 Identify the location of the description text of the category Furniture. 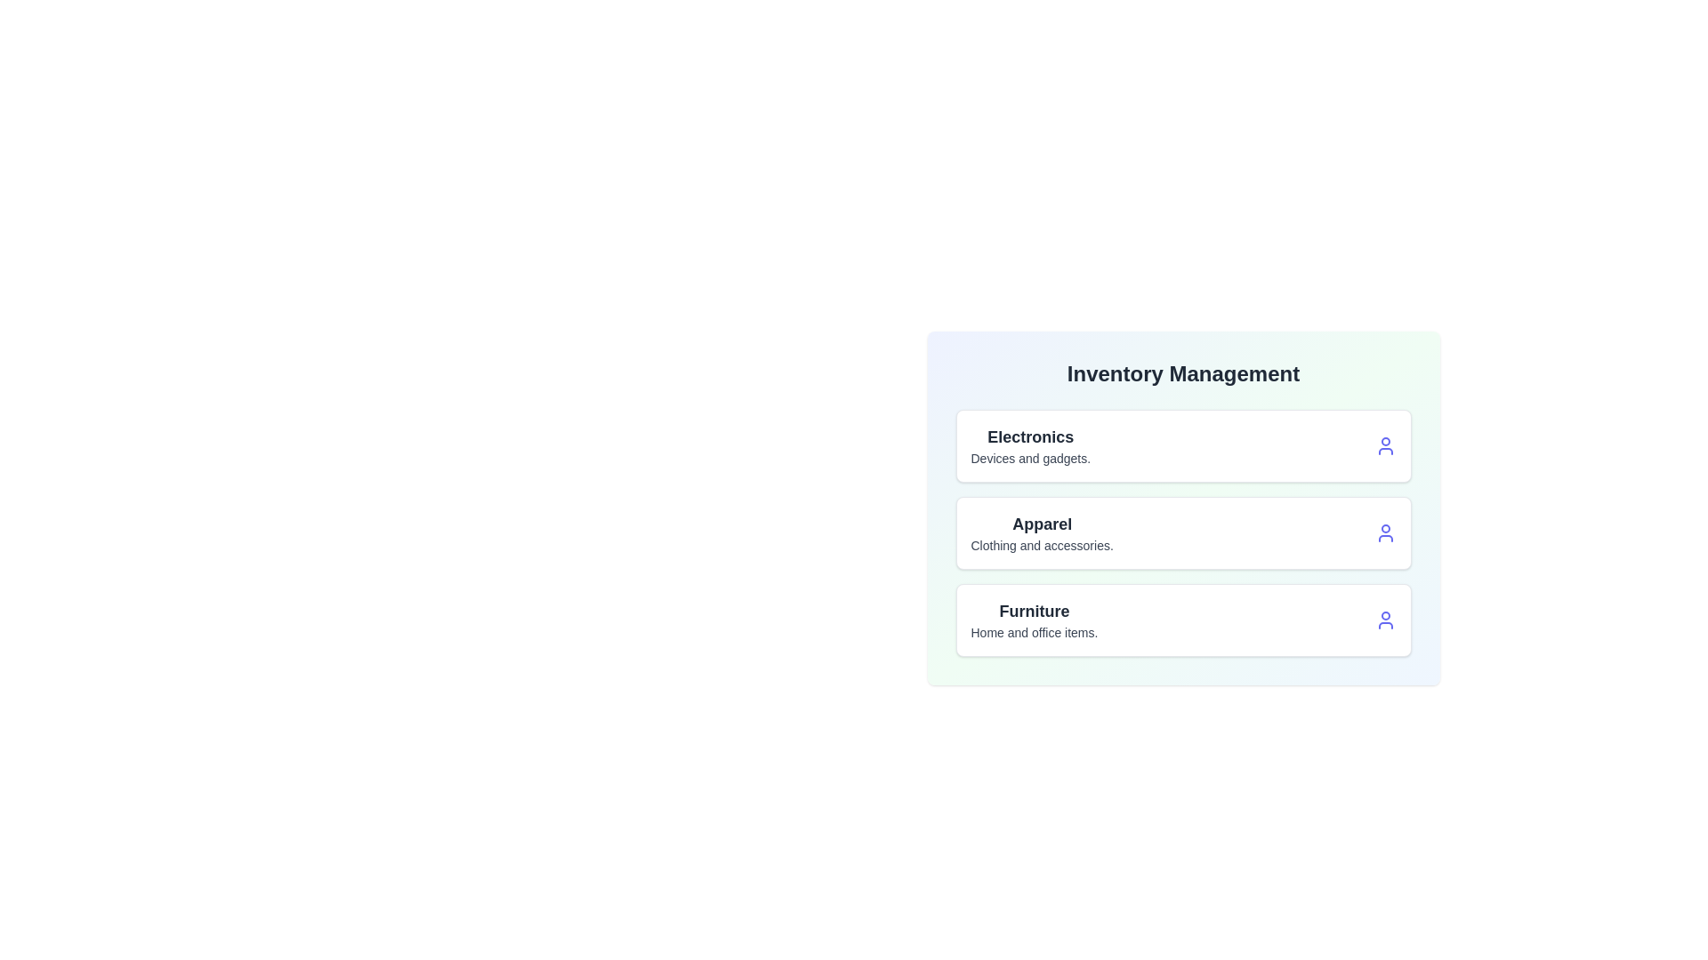
(1034, 632).